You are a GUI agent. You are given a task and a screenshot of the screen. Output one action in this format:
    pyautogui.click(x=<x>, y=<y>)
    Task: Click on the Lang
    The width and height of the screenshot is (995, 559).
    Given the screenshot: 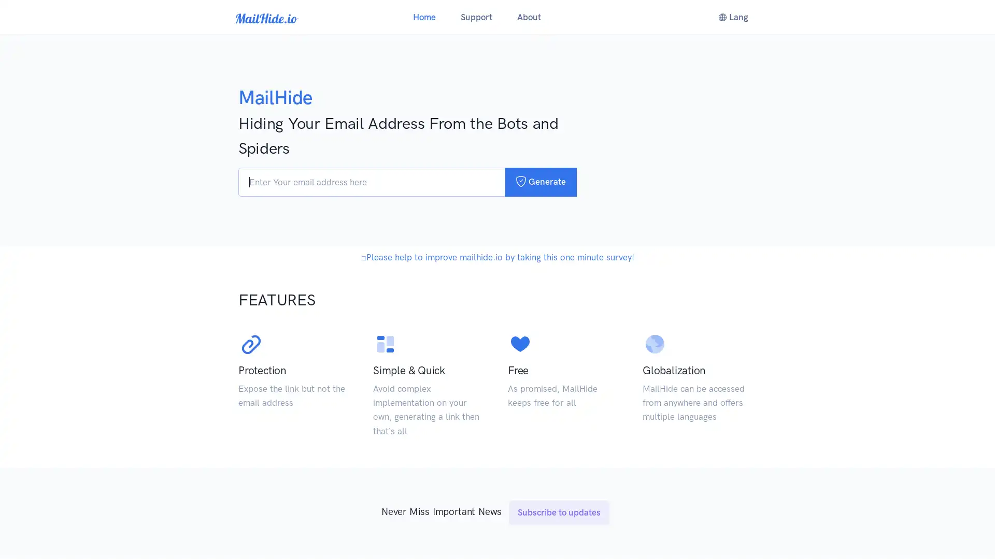 What is the action you would take?
    pyautogui.click(x=732, y=17)
    